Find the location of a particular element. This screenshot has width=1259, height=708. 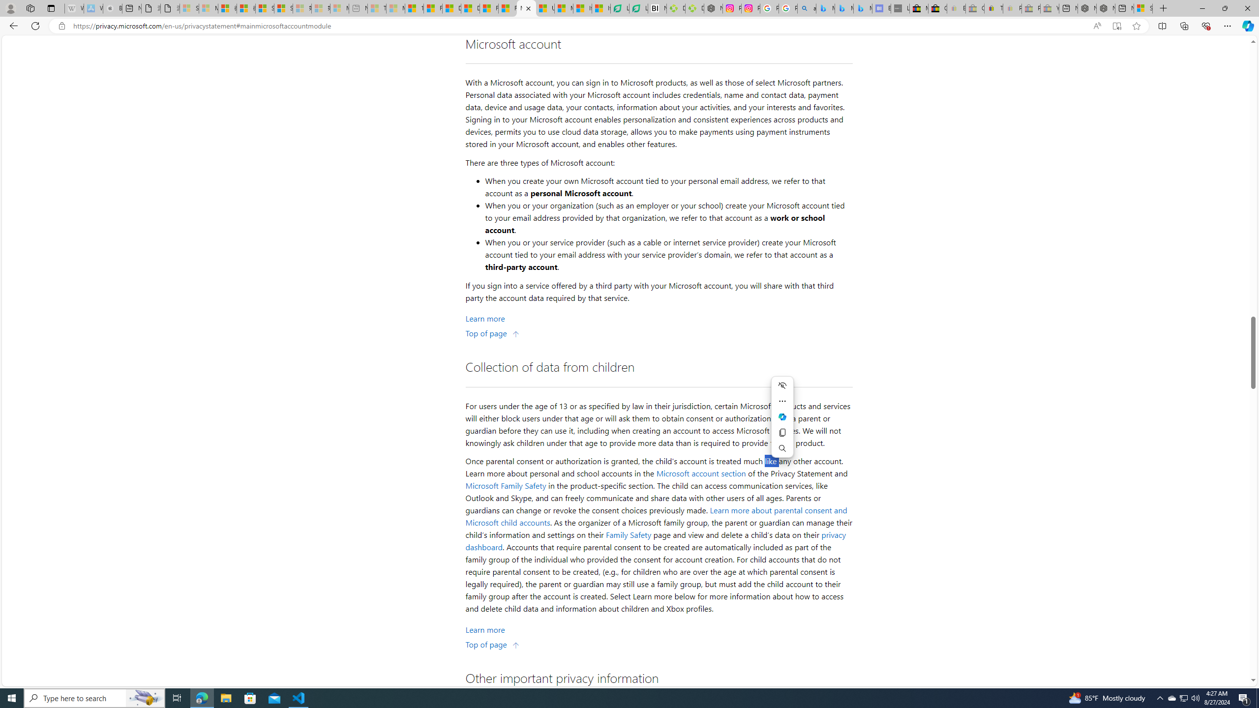

'Food and Drink - MSN' is located at coordinates (433, 8).